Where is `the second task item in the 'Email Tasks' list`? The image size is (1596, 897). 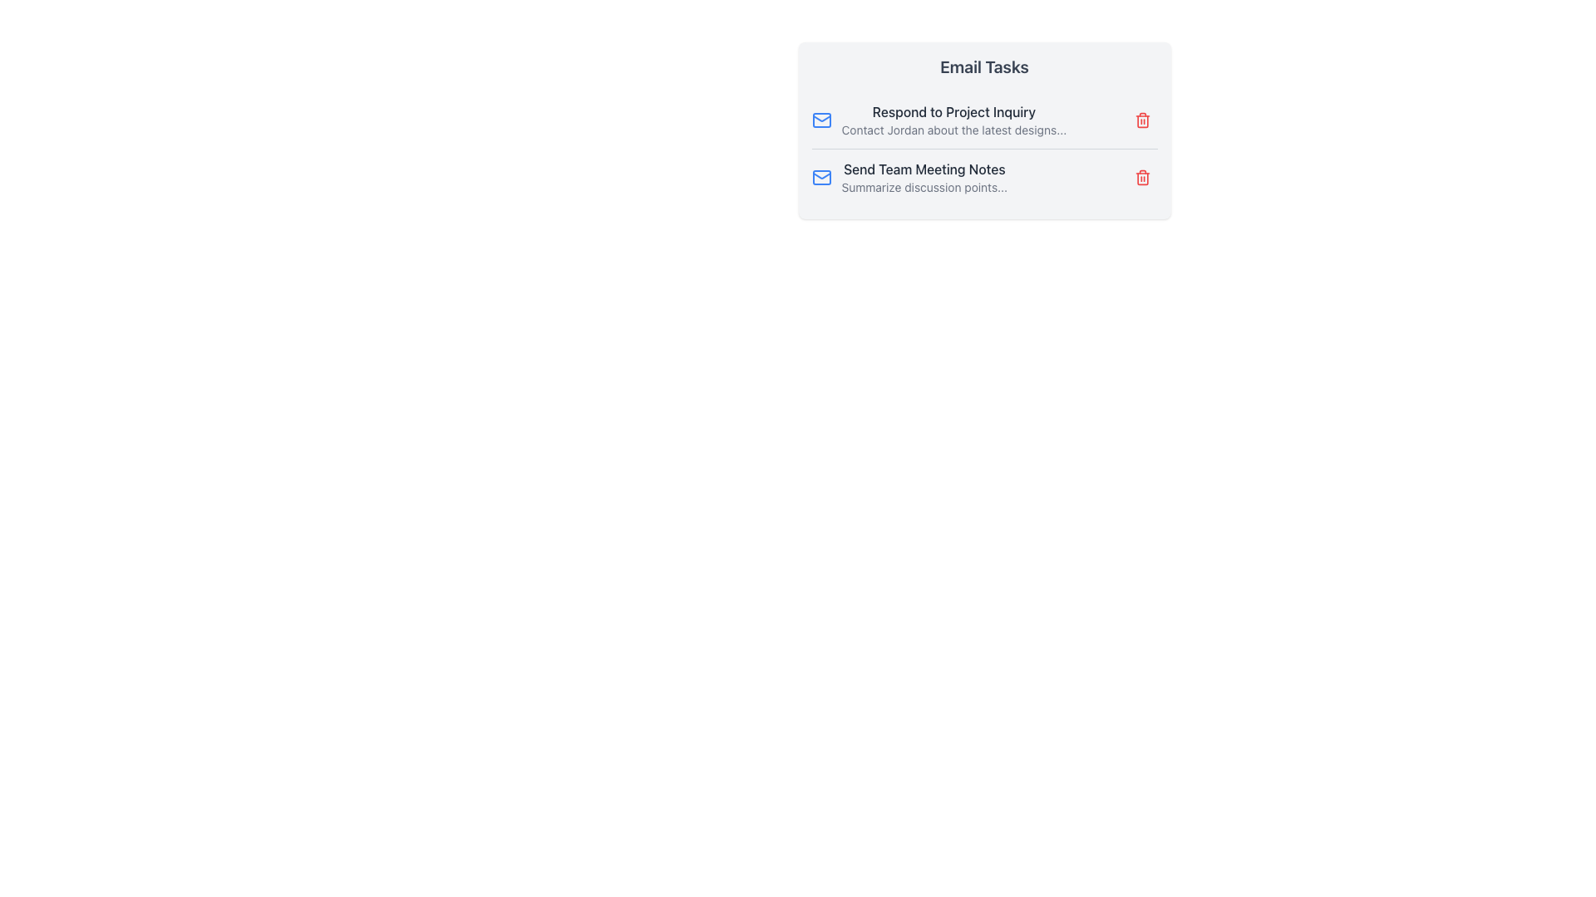
the second task item in the 'Email Tasks' list is located at coordinates (924, 177).